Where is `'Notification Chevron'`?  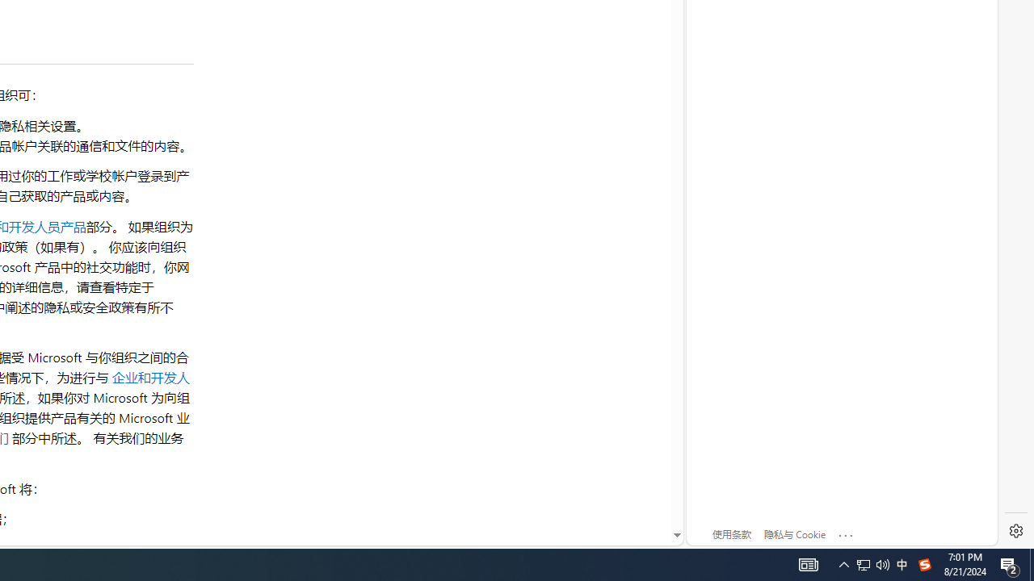
'Notification Chevron' is located at coordinates (872, 563).